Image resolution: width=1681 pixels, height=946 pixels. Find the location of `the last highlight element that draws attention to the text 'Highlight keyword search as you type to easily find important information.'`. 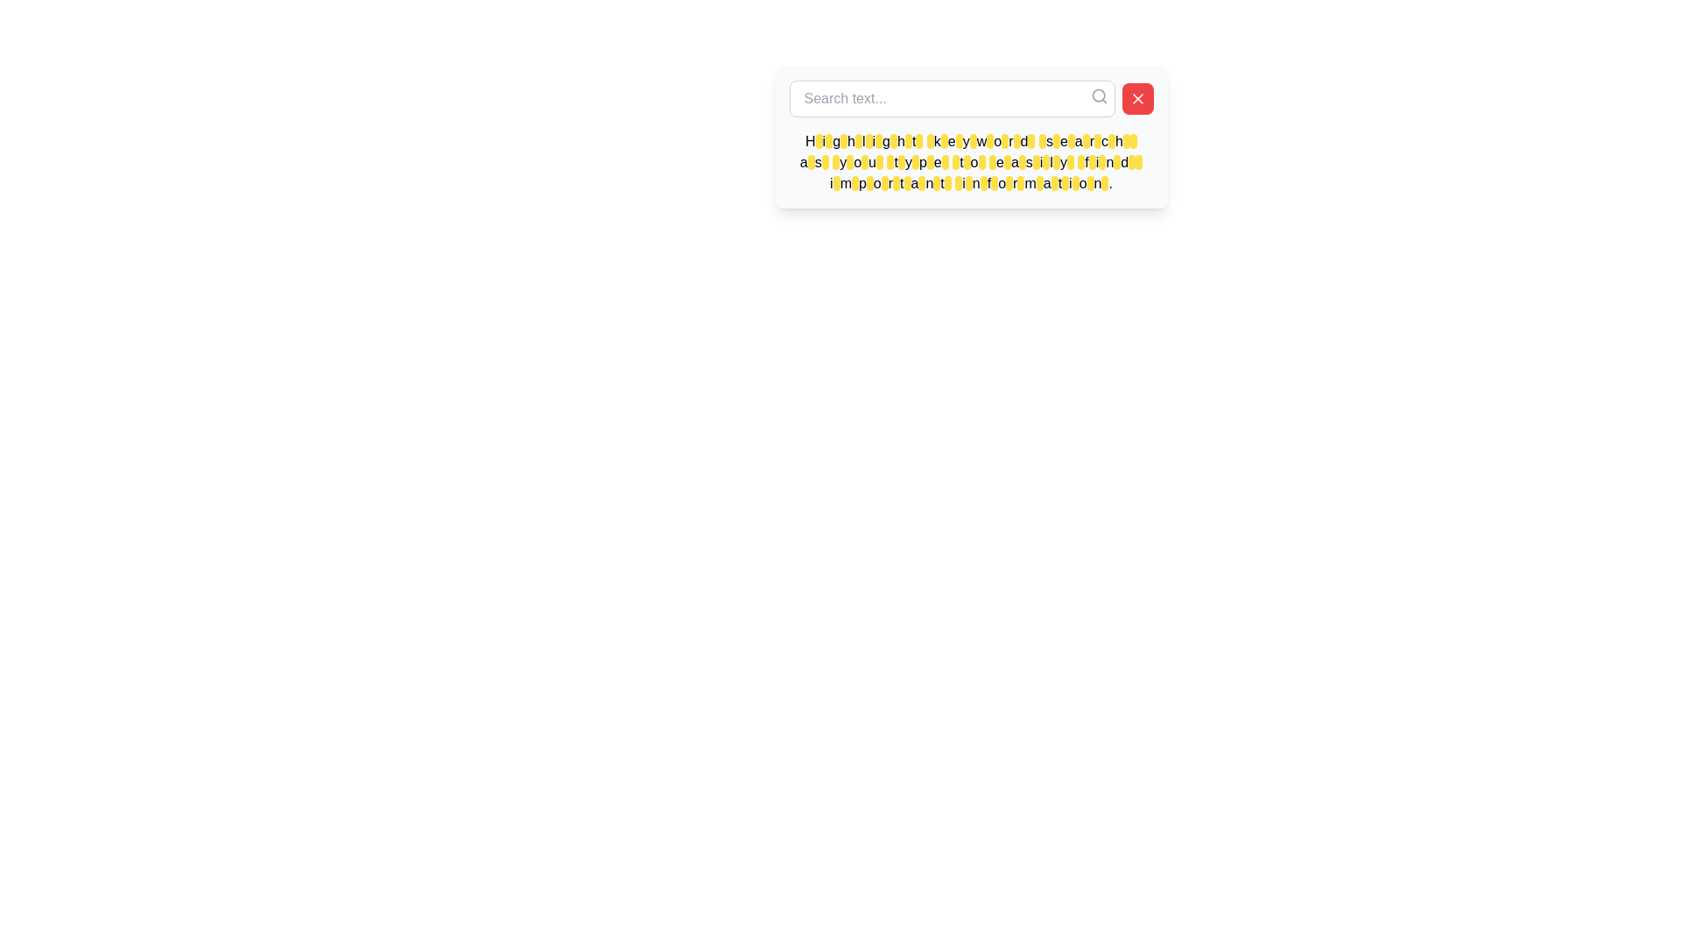

the last highlight element that draws attention to the text 'Highlight keyword search as you type to easily find important information.' is located at coordinates (1055, 140).